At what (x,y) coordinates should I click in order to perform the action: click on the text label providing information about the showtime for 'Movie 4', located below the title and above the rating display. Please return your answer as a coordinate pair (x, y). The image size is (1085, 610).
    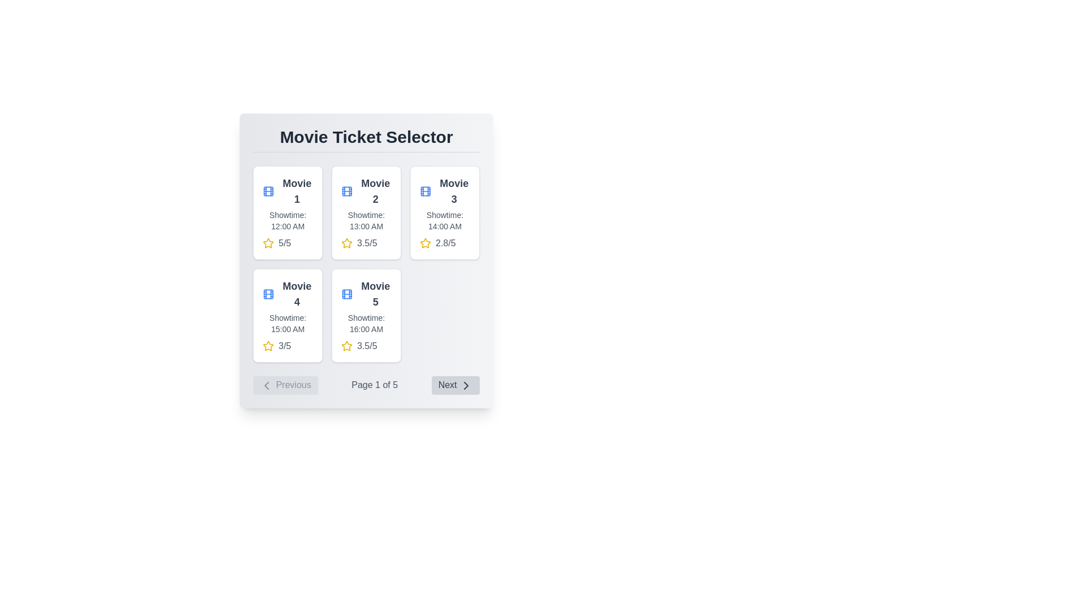
    Looking at the image, I should click on (288, 324).